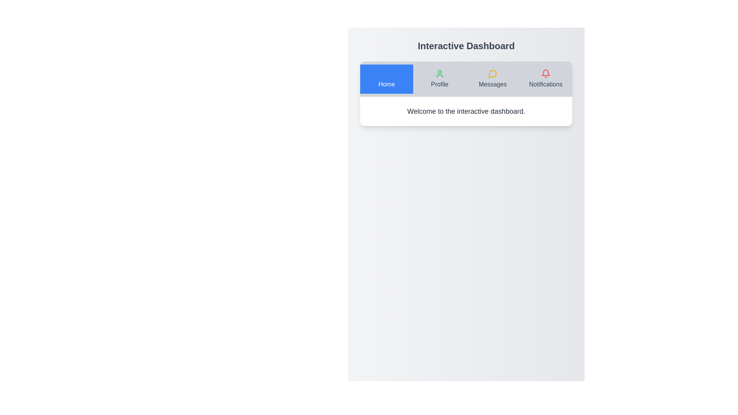 The image size is (738, 415). I want to click on the third button in the horizontal navigation bar, located between 'Profile' and 'Notifications', so click(492, 79).